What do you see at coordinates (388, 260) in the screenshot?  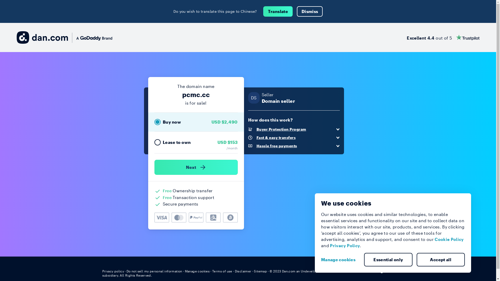 I see `'Essential only'` at bounding box center [388, 260].